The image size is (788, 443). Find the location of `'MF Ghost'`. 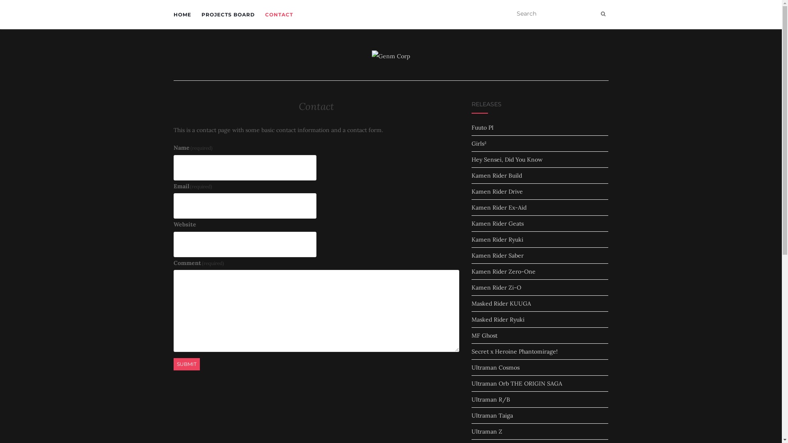

'MF Ghost' is located at coordinates (484, 335).